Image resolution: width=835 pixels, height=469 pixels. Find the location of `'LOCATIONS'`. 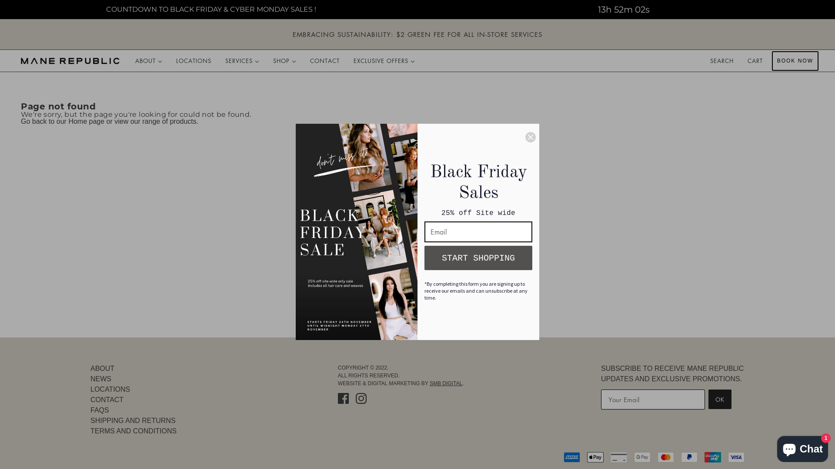

'LOCATIONS' is located at coordinates (193, 60).